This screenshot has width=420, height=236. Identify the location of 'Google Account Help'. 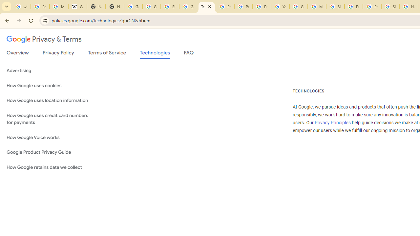
(298, 7).